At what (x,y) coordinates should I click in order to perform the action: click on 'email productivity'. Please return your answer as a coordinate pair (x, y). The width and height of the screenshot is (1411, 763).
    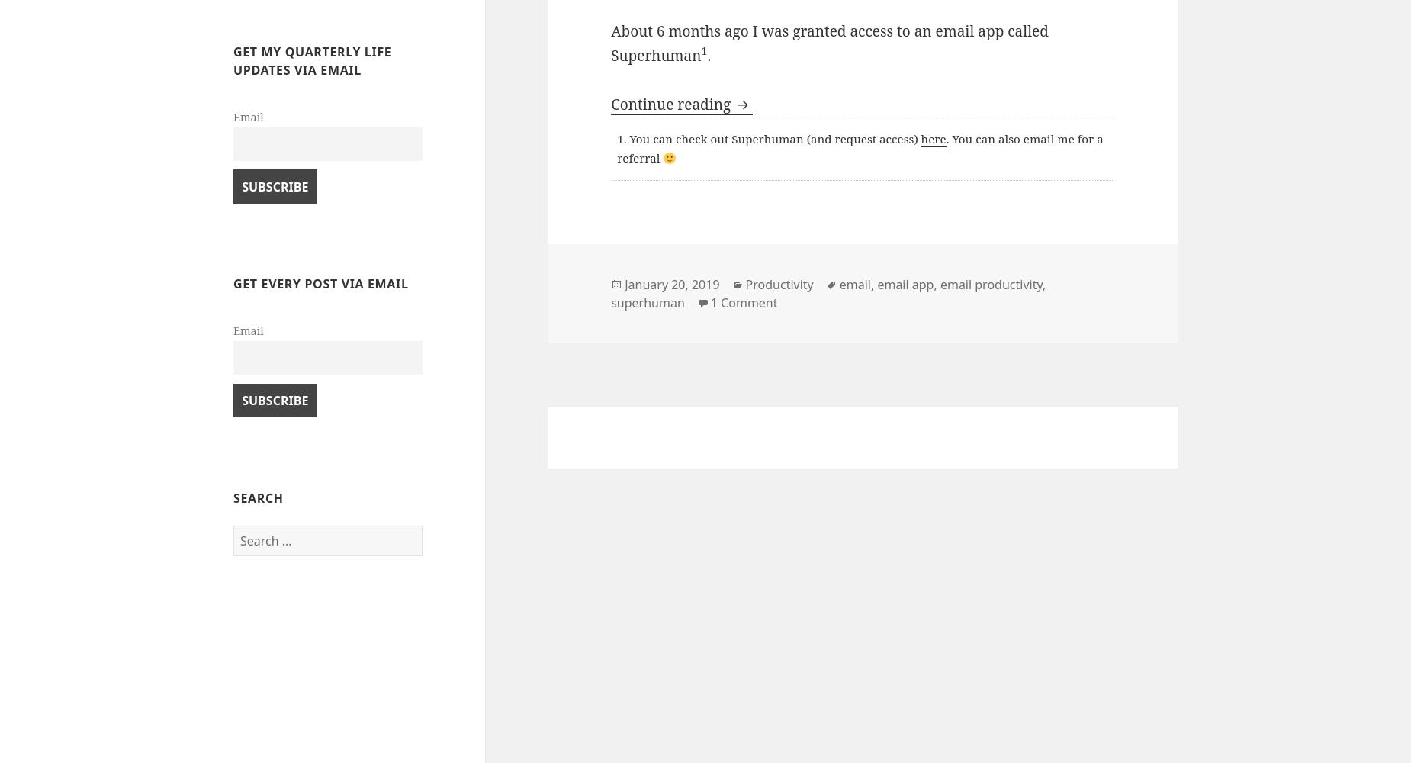
    Looking at the image, I should click on (938, 283).